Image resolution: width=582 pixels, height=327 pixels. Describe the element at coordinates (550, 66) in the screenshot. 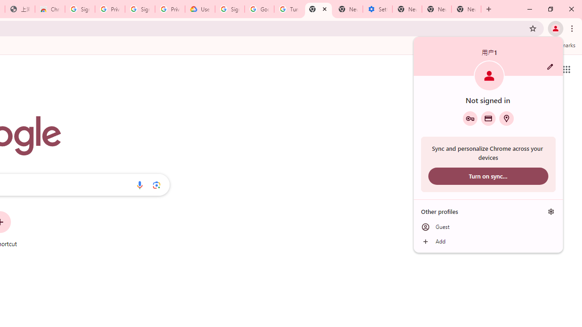

I see `'Customize profile'` at that location.